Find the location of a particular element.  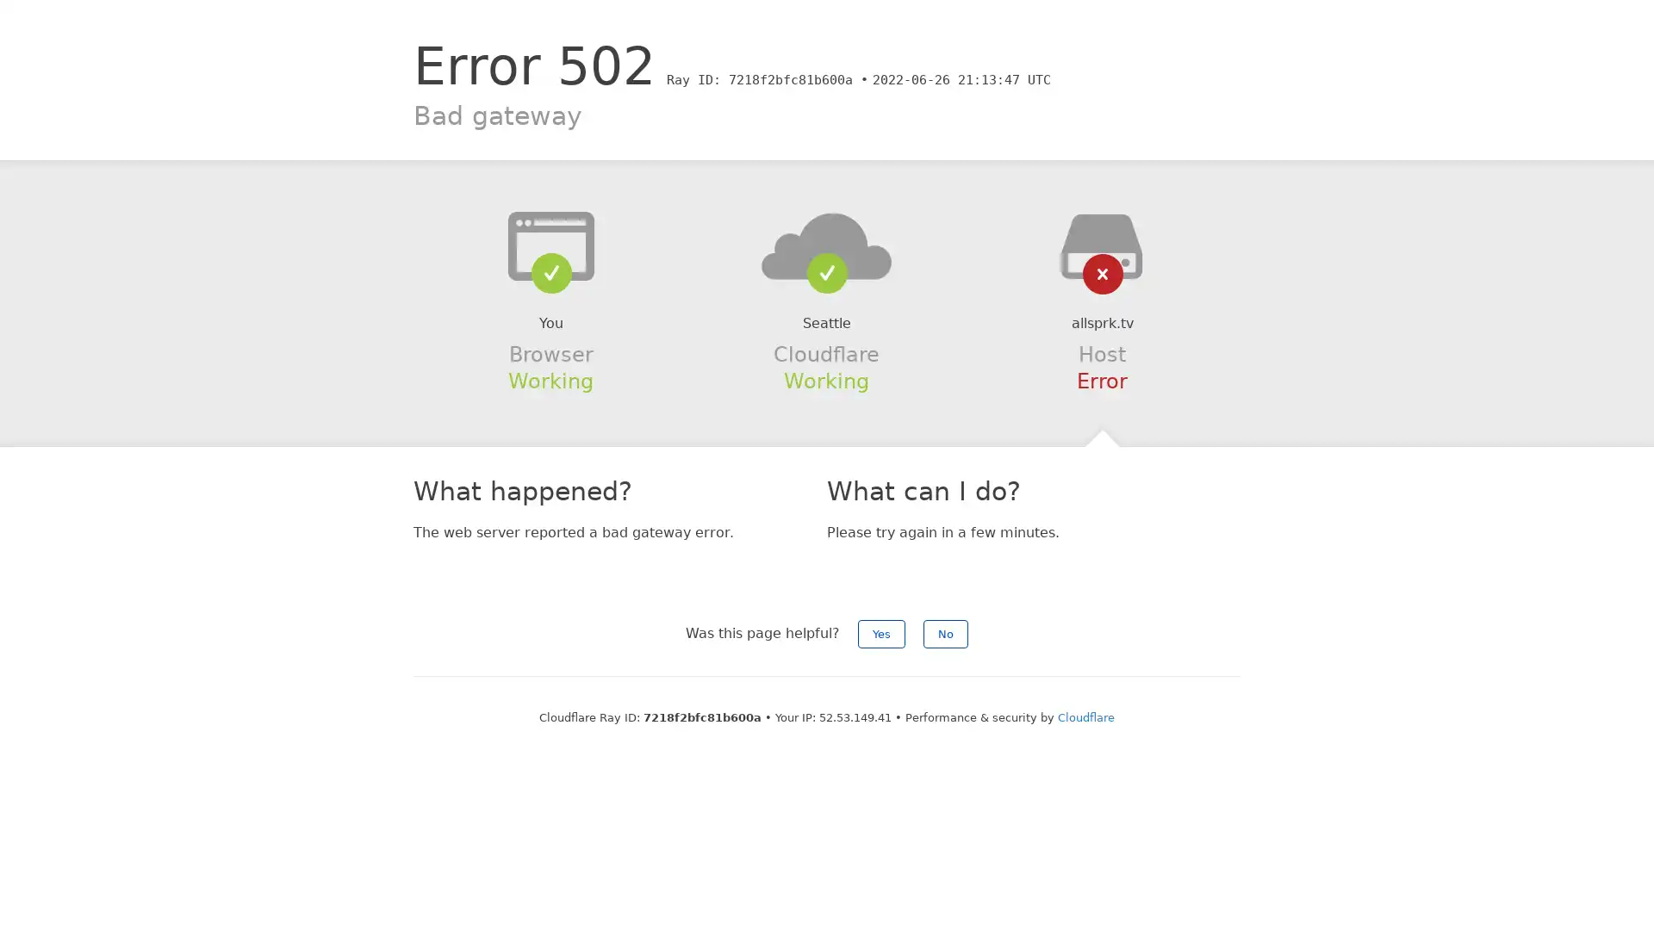

Yes is located at coordinates (881, 634).